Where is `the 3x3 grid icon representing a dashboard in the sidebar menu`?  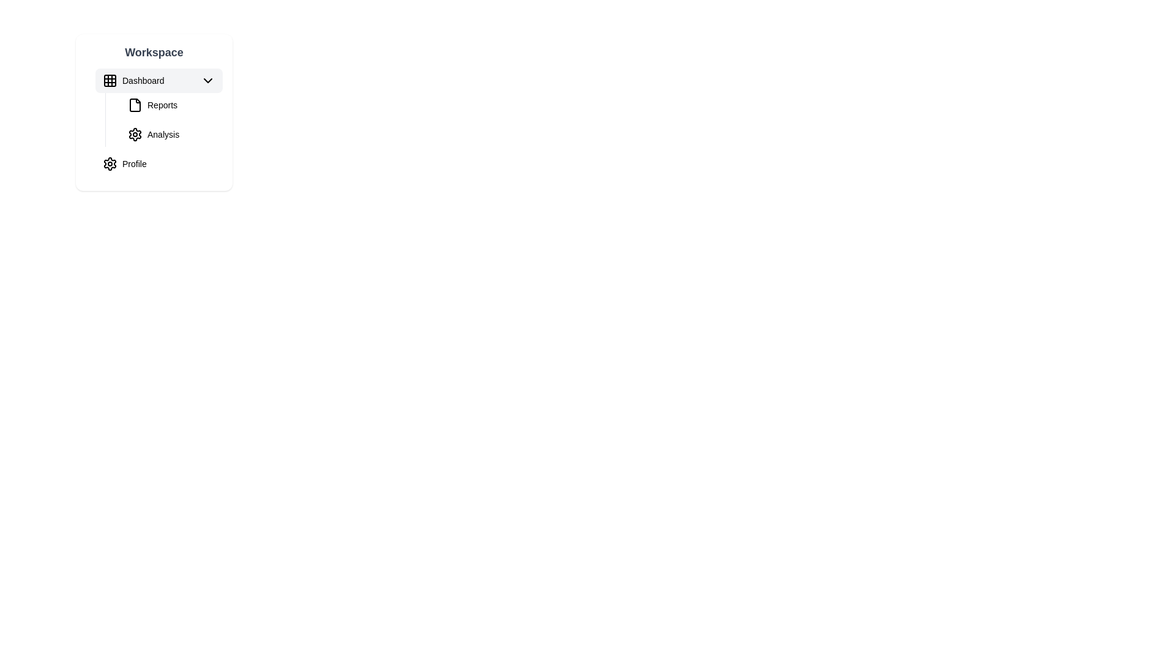
the 3x3 grid icon representing a dashboard in the sidebar menu is located at coordinates (110, 80).